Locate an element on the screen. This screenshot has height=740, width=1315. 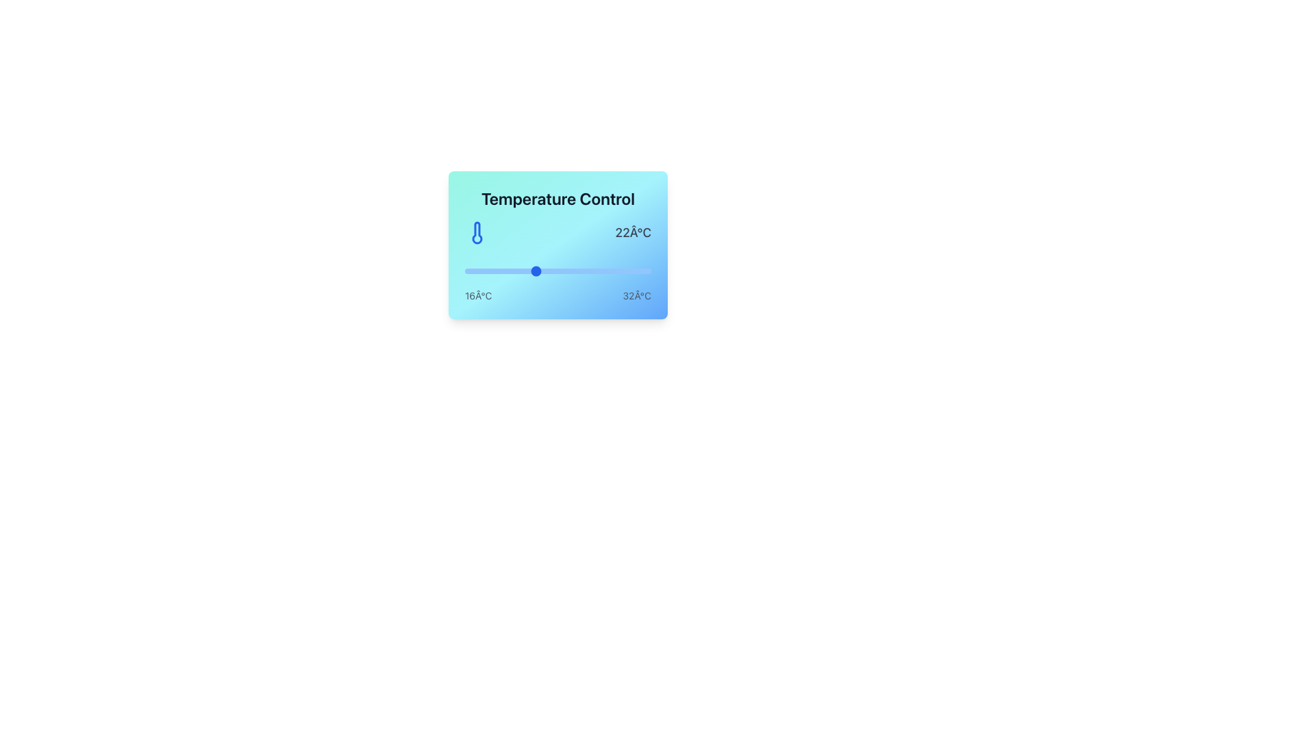
the thermometer icon within the 'Temperature Control' card, which serves as an indicator of temperature is located at coordinates (477, 232).